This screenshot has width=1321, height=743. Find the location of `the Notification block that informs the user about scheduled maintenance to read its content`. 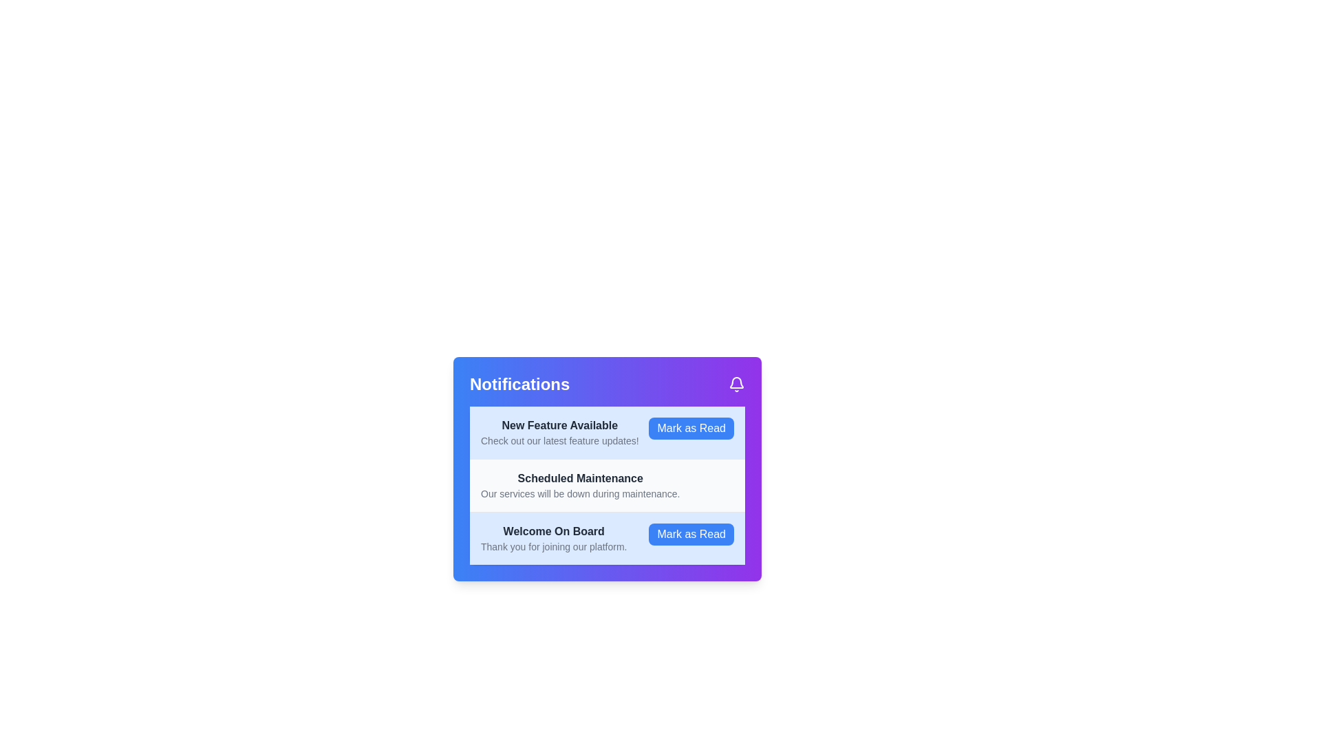

the Notification block that informs the user about scheduled maintenance to read its content is located at coordinates (607, 484).